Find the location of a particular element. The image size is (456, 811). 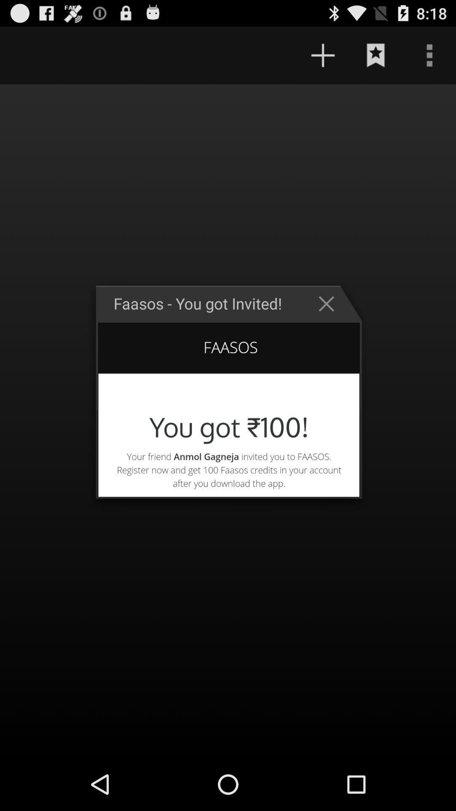

the bookmark icon is located at coordinates (376, 59).